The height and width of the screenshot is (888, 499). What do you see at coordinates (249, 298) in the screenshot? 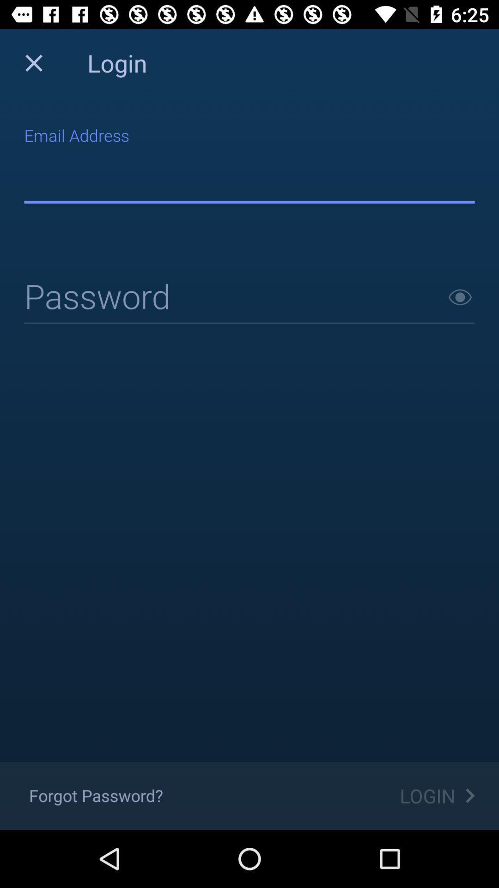
I see `type password` at bounding box center [249, 298].